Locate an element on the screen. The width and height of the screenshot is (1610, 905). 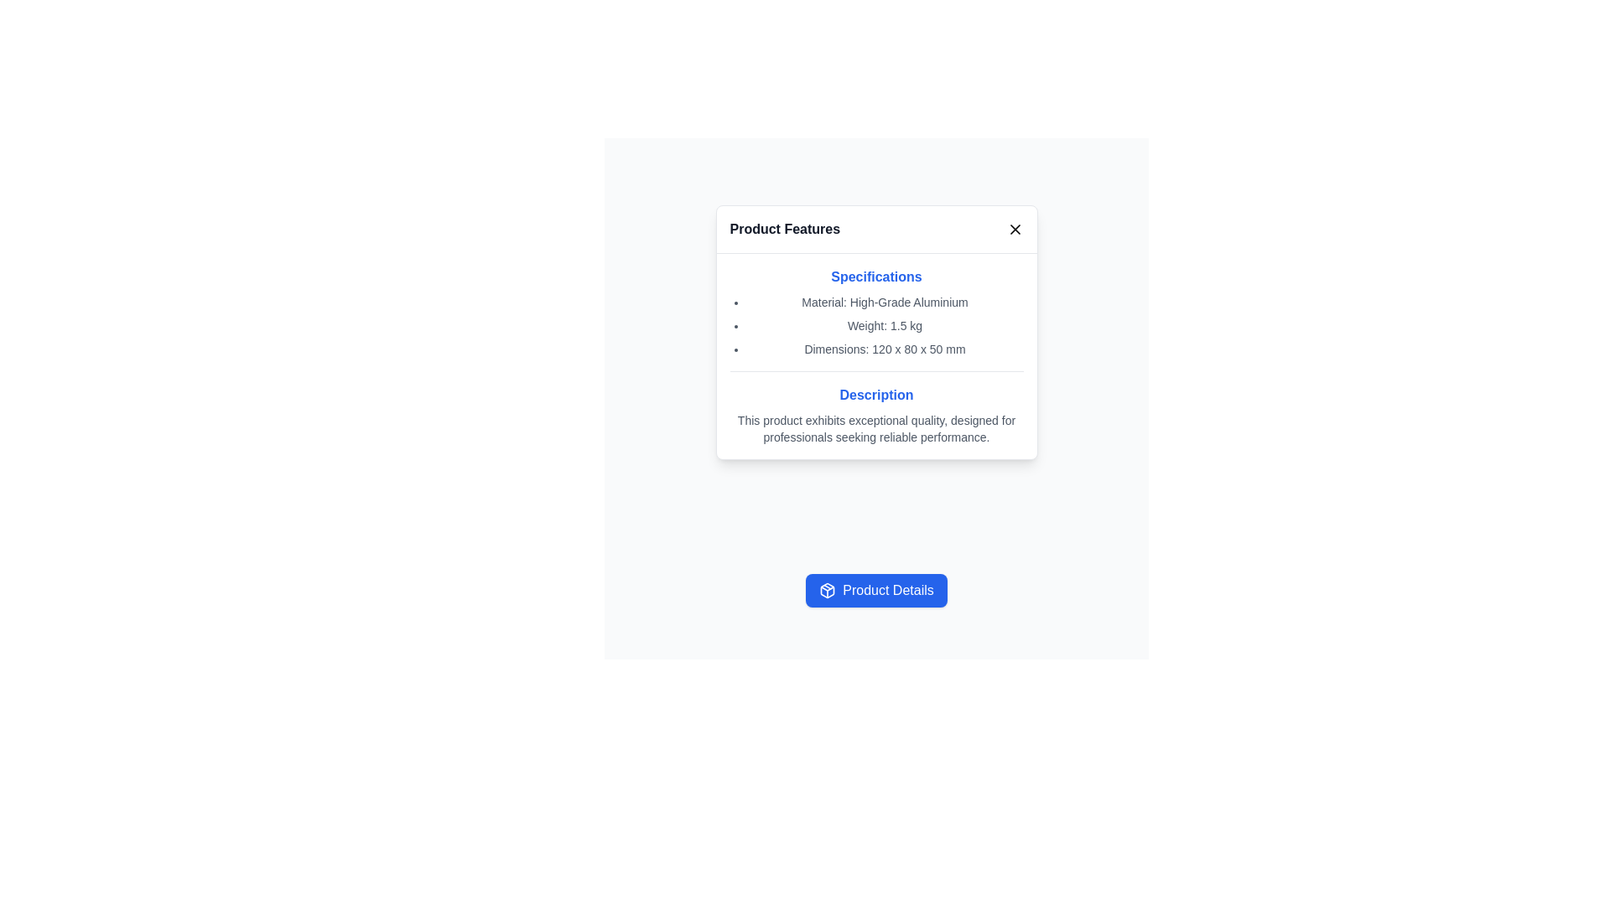
the section header text label that serves as a title for the descriptive content is located at coordinates (875, 395).